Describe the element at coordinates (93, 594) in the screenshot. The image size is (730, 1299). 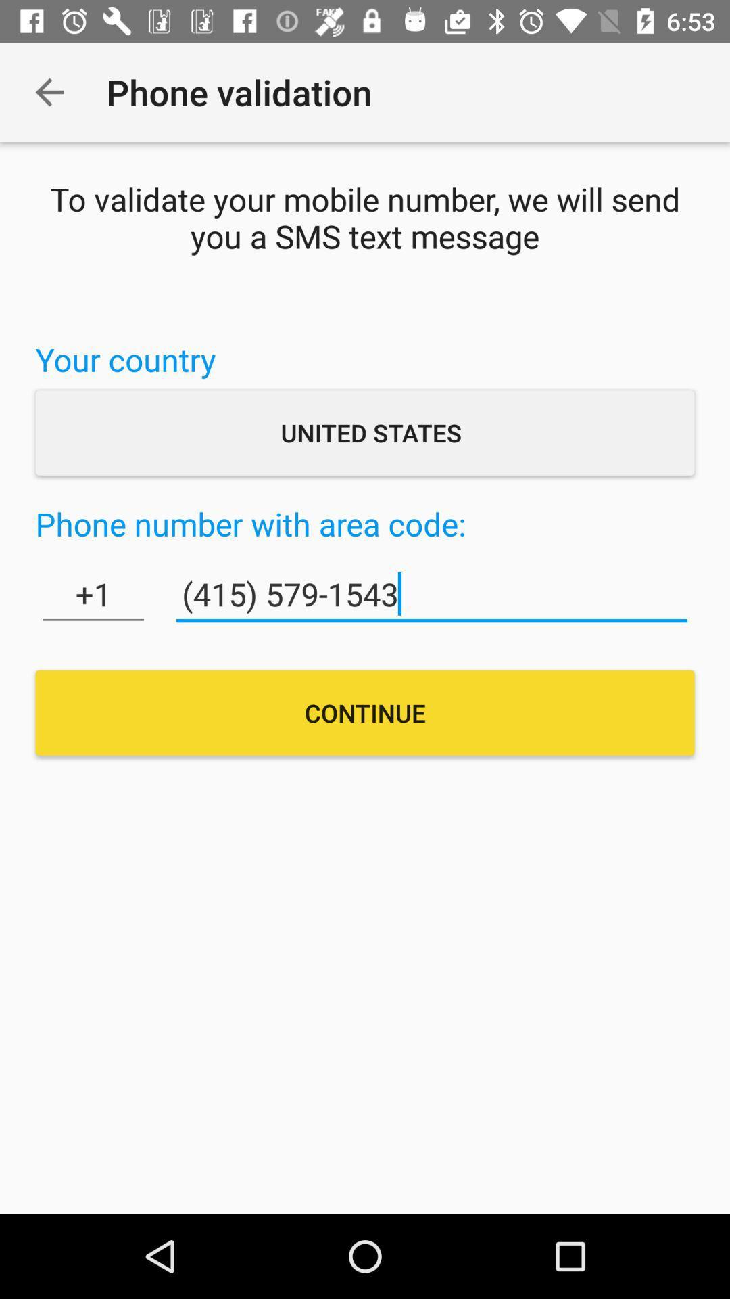
I see `the icon on the left` at that location.